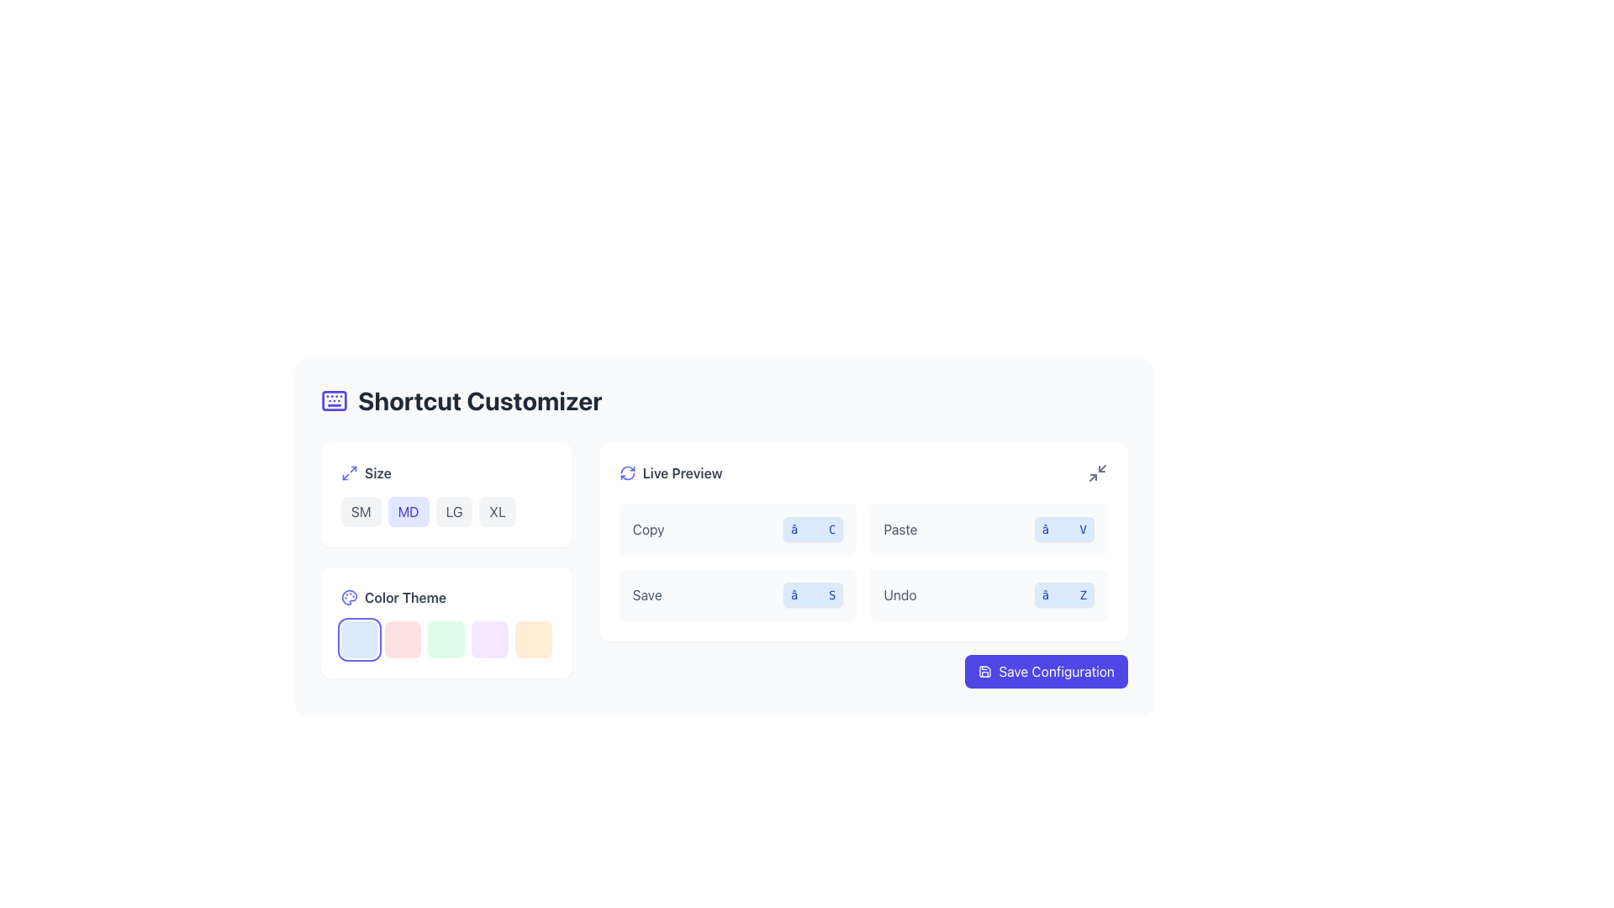  What do you see at coordinates (349, 596) in the screenshot?
I see `the indigo palette icon in the 'Color Theme' section of the 'Shortcut Customizer' interface, which is the main graphic illustrating the feature` at bounding box center [349, 596].